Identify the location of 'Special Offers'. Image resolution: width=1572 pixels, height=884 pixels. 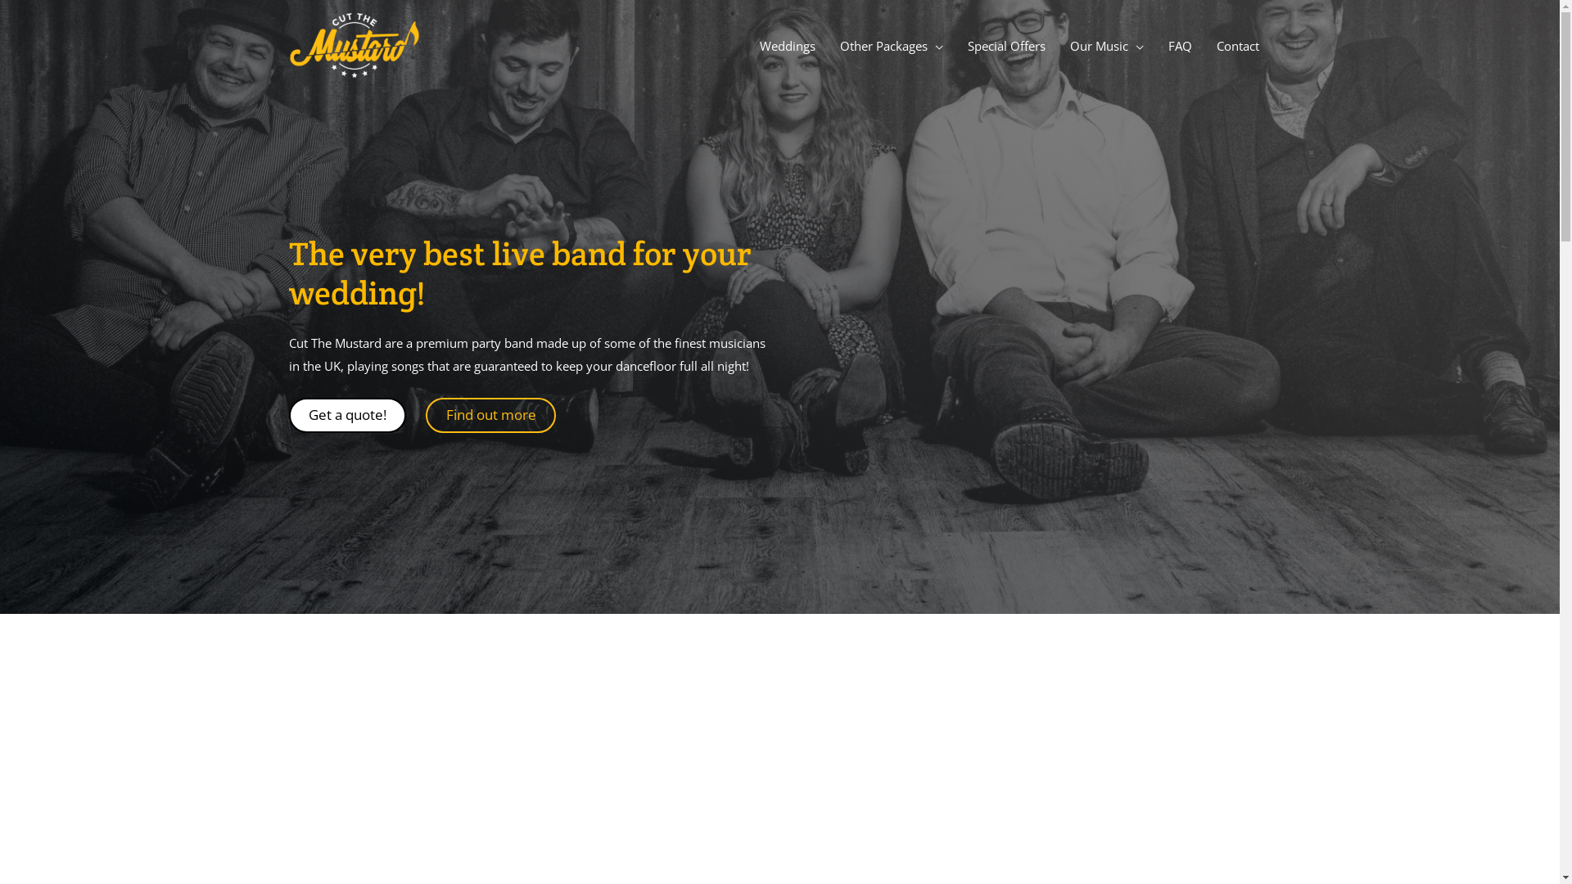
(1005, 43).